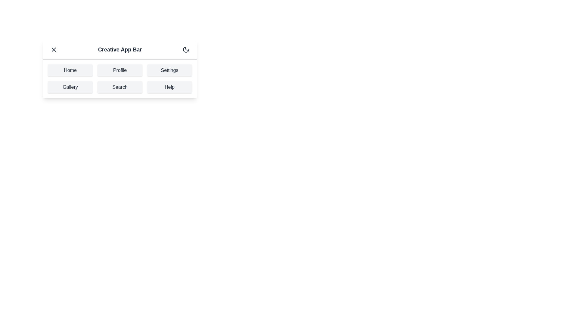 The image size is (578, 325). I want to click on the menu toggle button to toggle the menu visibility, so click(54, 49).